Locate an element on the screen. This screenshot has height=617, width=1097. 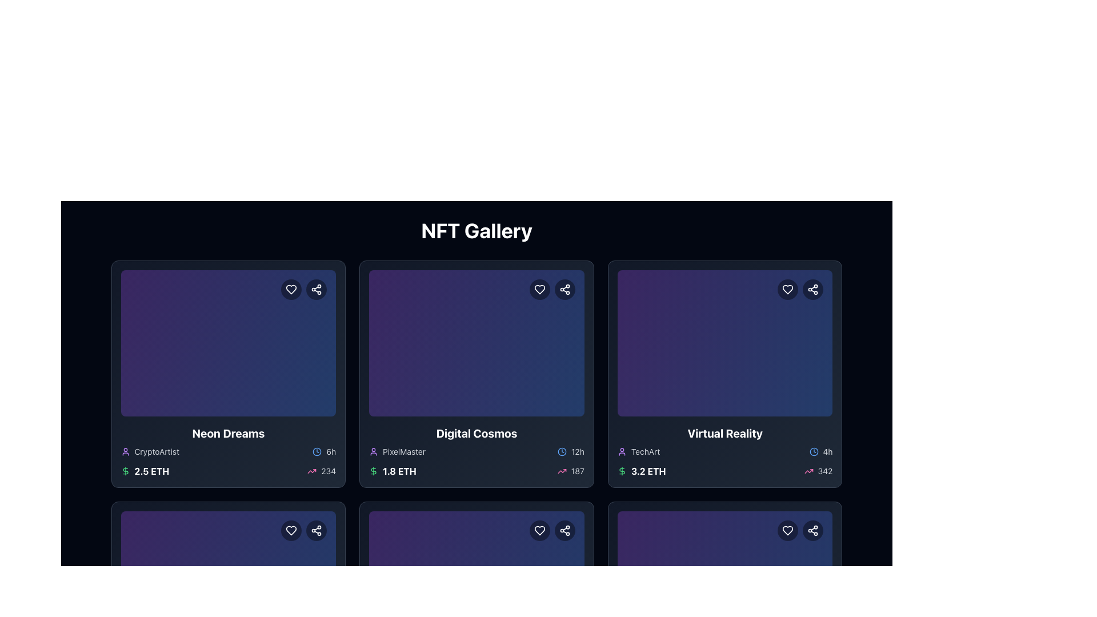
time information displayed at the bottom-right corner of the first card in the 'NFT Gallery' grid, which provides the temporal context for the associated content is located at coordinates (323, 451).